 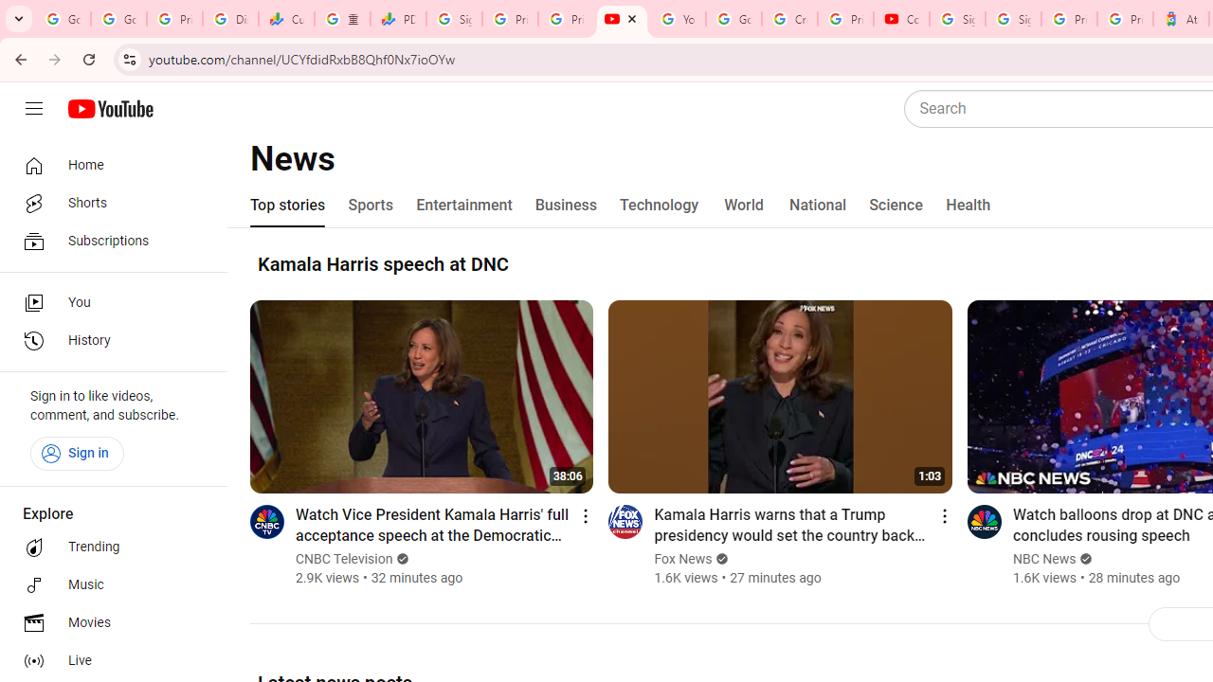 What do you see at coordinates (33, 109) in the screenshot?
I see `'Guide'` at bounding box center [33, 109].